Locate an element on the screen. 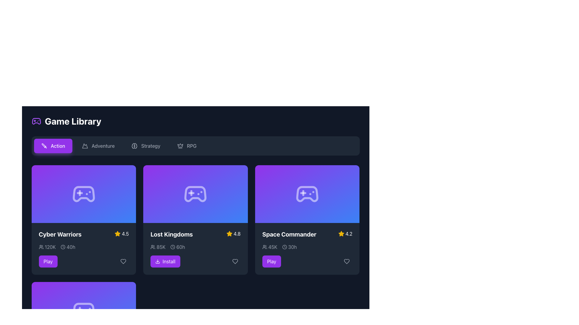 Image resolution: width=579 pixels, height=325 pixels. the heart-shaped icon at the bottom-right corner of the 'Lost Kingdoms' card is located at coordinates (235, 261).